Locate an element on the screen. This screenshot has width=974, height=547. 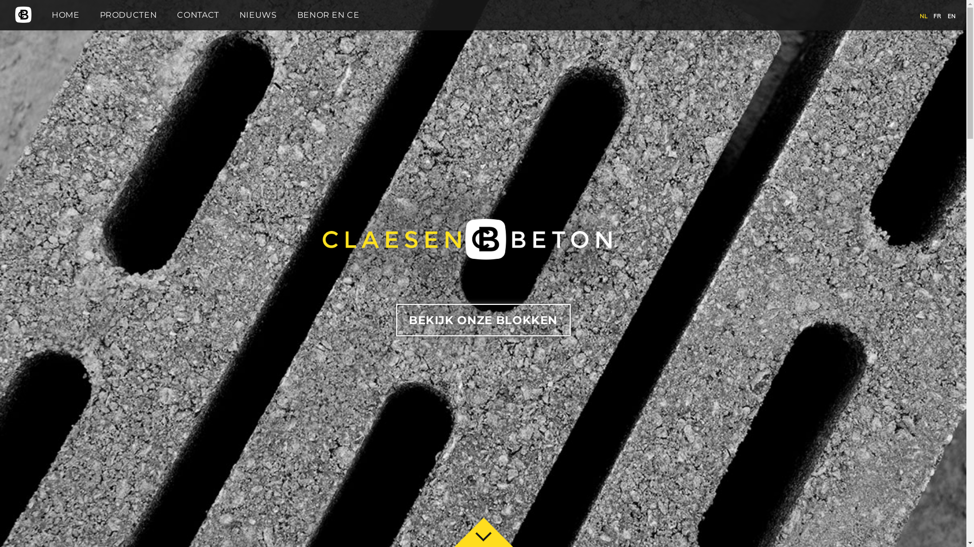
'EN' is located at coordinates (947, 16).